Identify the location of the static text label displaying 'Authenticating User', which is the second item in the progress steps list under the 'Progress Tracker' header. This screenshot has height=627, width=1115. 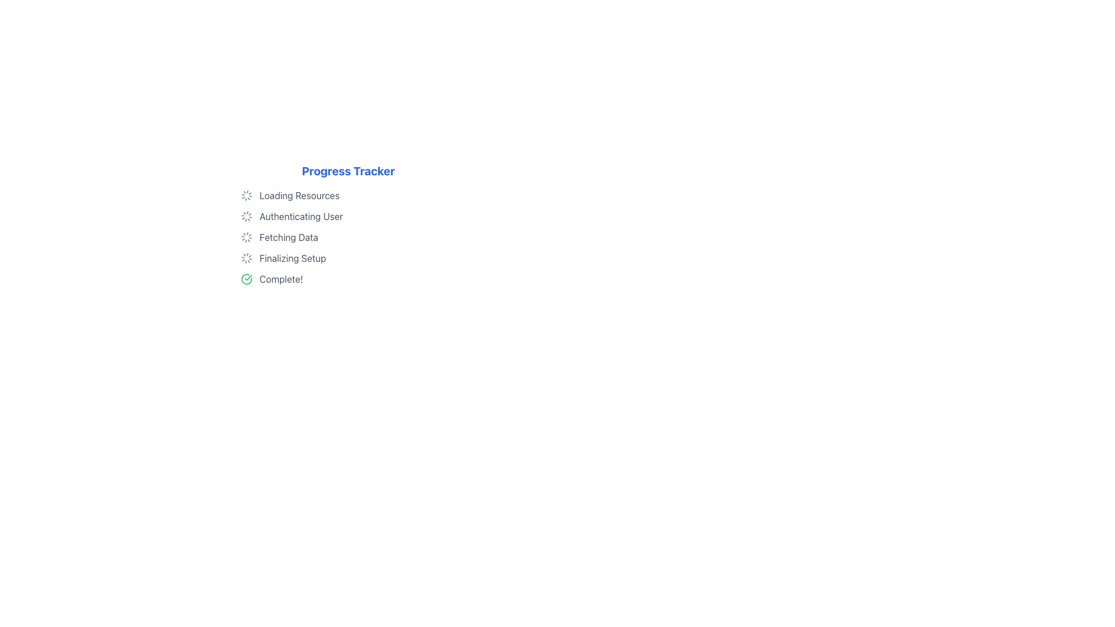
(301, 217).